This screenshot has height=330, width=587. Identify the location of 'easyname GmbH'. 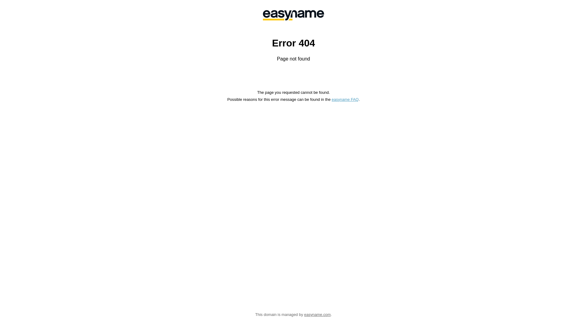
(293, 15).